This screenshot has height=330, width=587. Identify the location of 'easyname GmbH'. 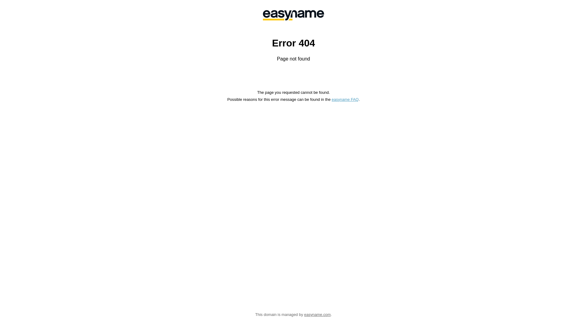
(293, 15).